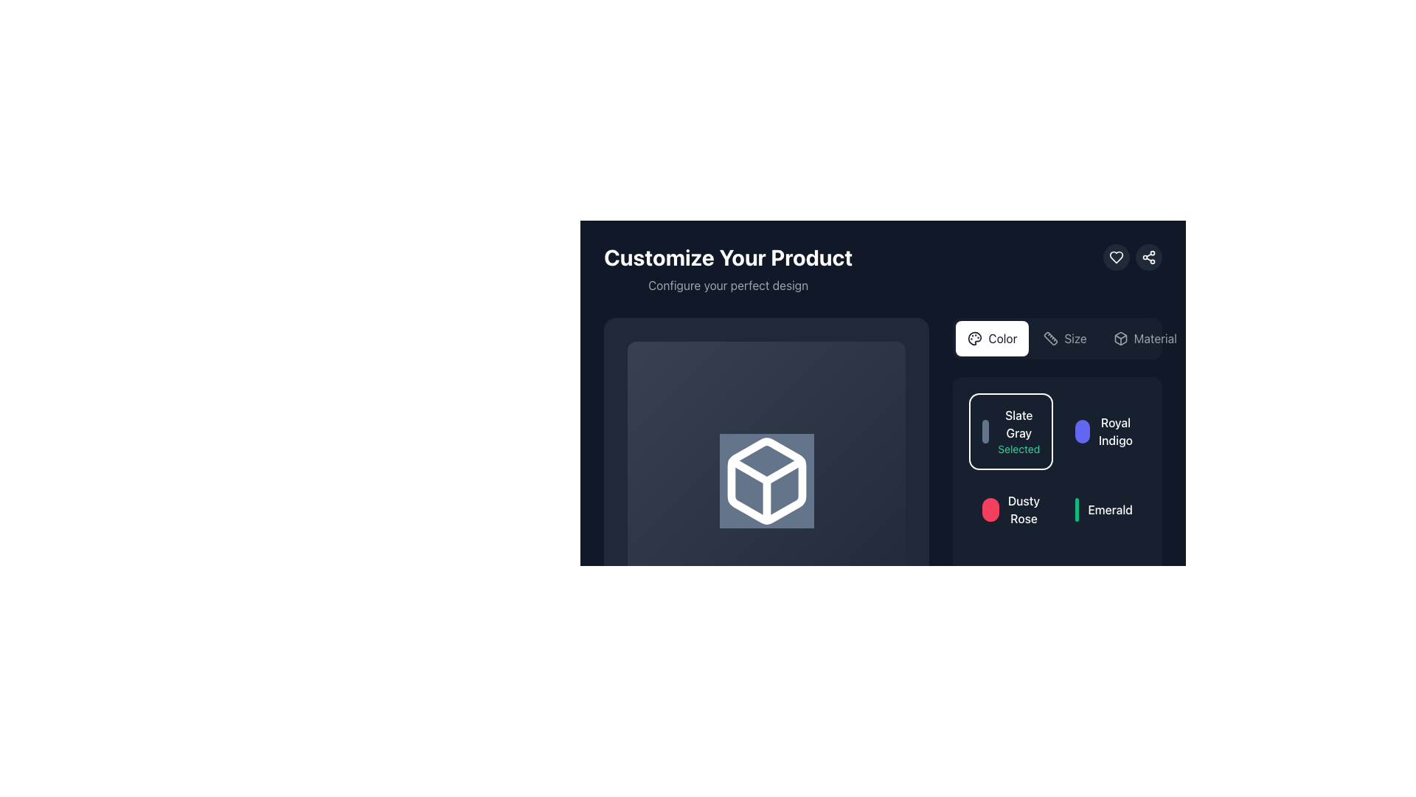  What do you see at coordinates (1120, 339) in the screenshot?
I see `the material option icon located in the customization section of the product design interface, positioned on the right-hand side across from the 'Color' and 'Size' labels` at bounding box center [1120, 339].